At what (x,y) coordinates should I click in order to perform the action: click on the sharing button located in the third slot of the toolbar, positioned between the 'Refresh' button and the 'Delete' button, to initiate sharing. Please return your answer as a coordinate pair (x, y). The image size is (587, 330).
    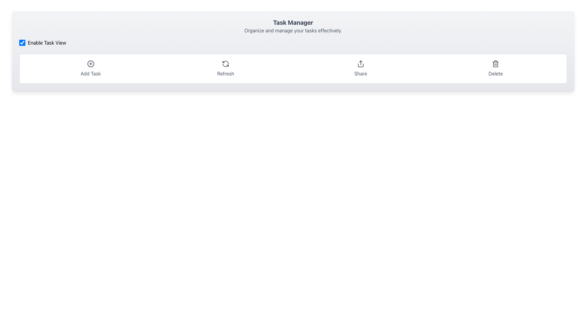
    Looking at the image, I should click on (360, 68).